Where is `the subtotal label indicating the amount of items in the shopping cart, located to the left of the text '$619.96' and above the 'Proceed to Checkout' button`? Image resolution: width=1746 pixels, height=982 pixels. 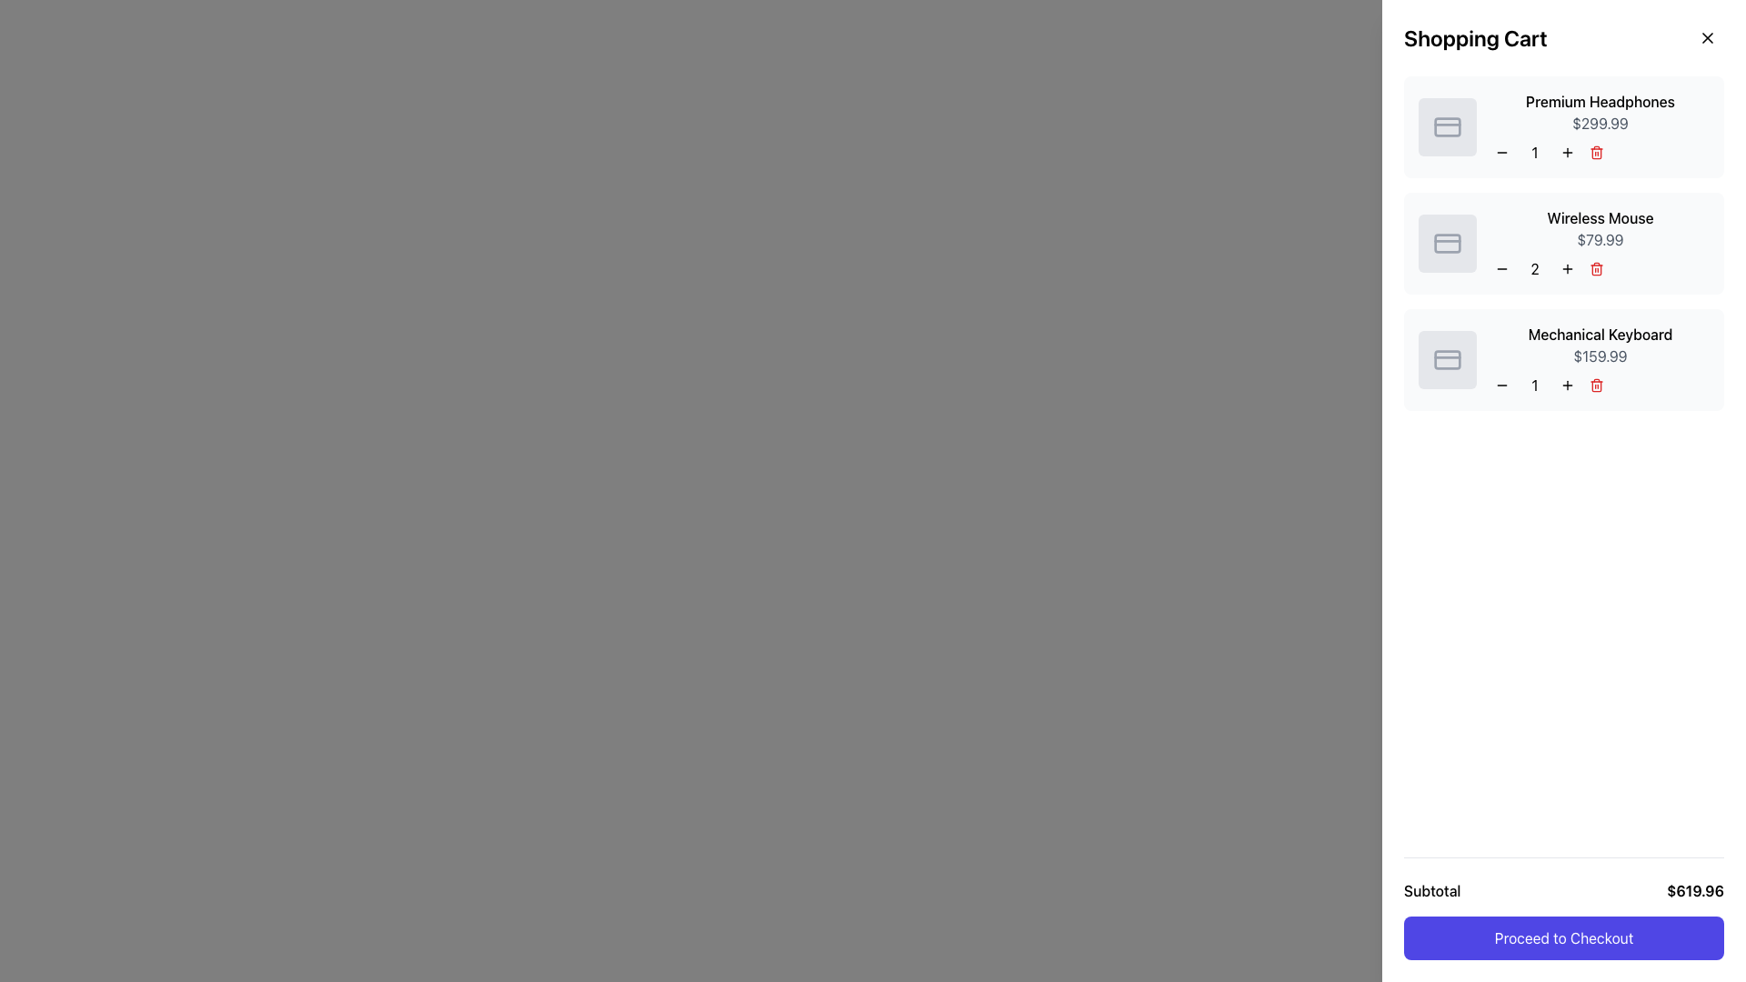 the subtotal label indicating the amount of items in the shopping cart, located to the left of the text '$619.96' and above the 'Proceed to Checkout' button is located at coordinates (1431, 889).